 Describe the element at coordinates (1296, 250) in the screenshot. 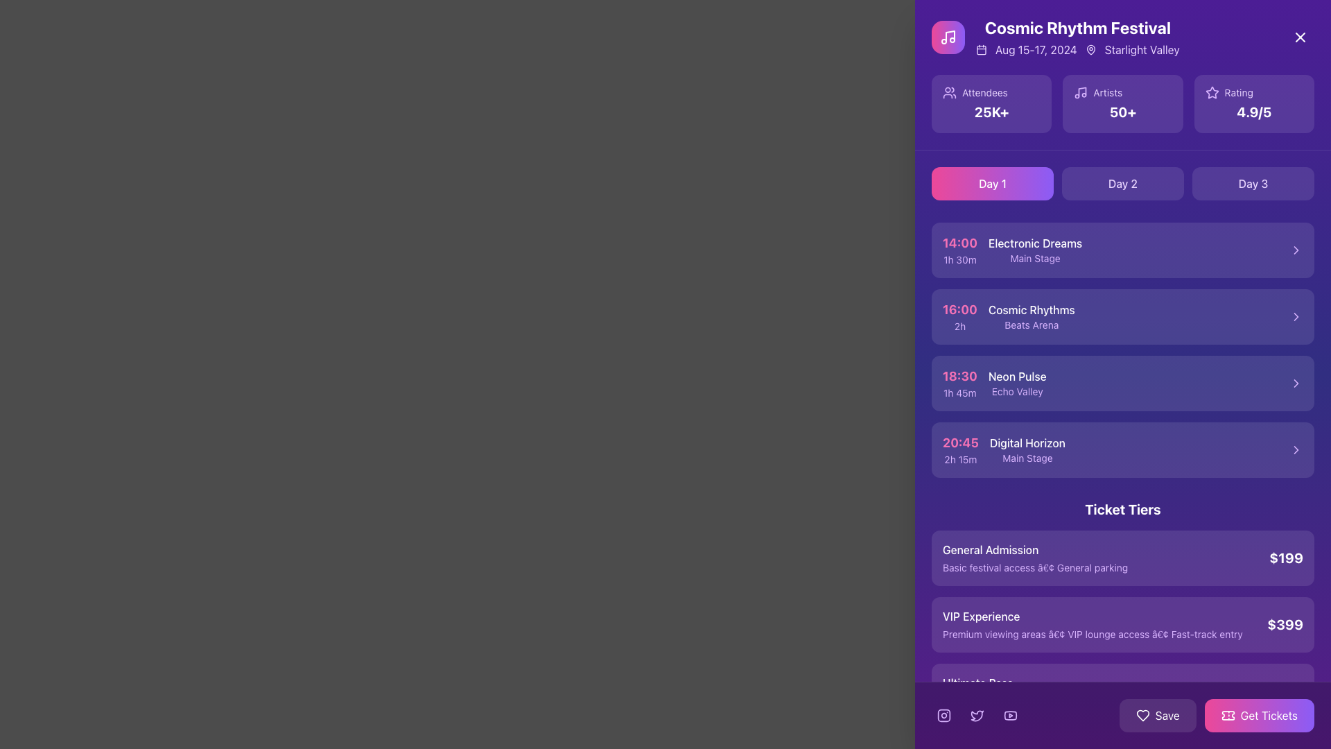

I see `the Chevron Right icon at the far right end of the 'Electronic Dreams' event row` at that location.